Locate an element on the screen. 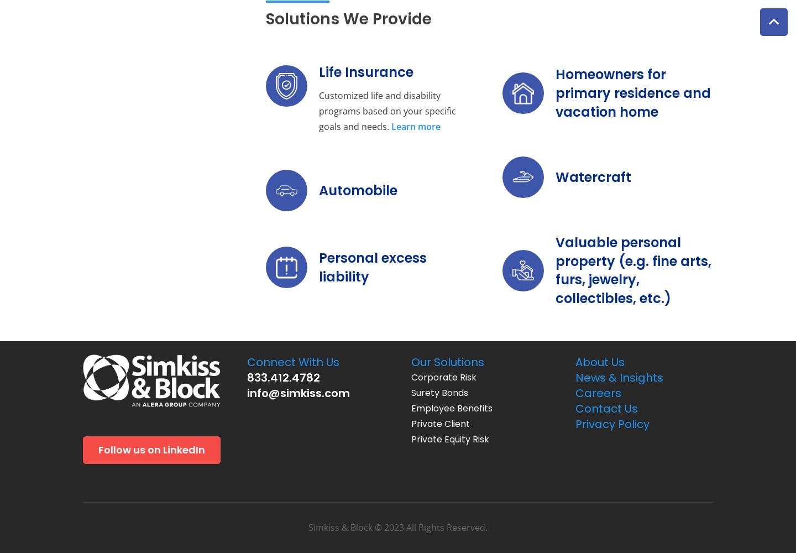 The height and width of the screenshot is (553, 796). 'Our Solutions' is located at coordinates (411, 362).